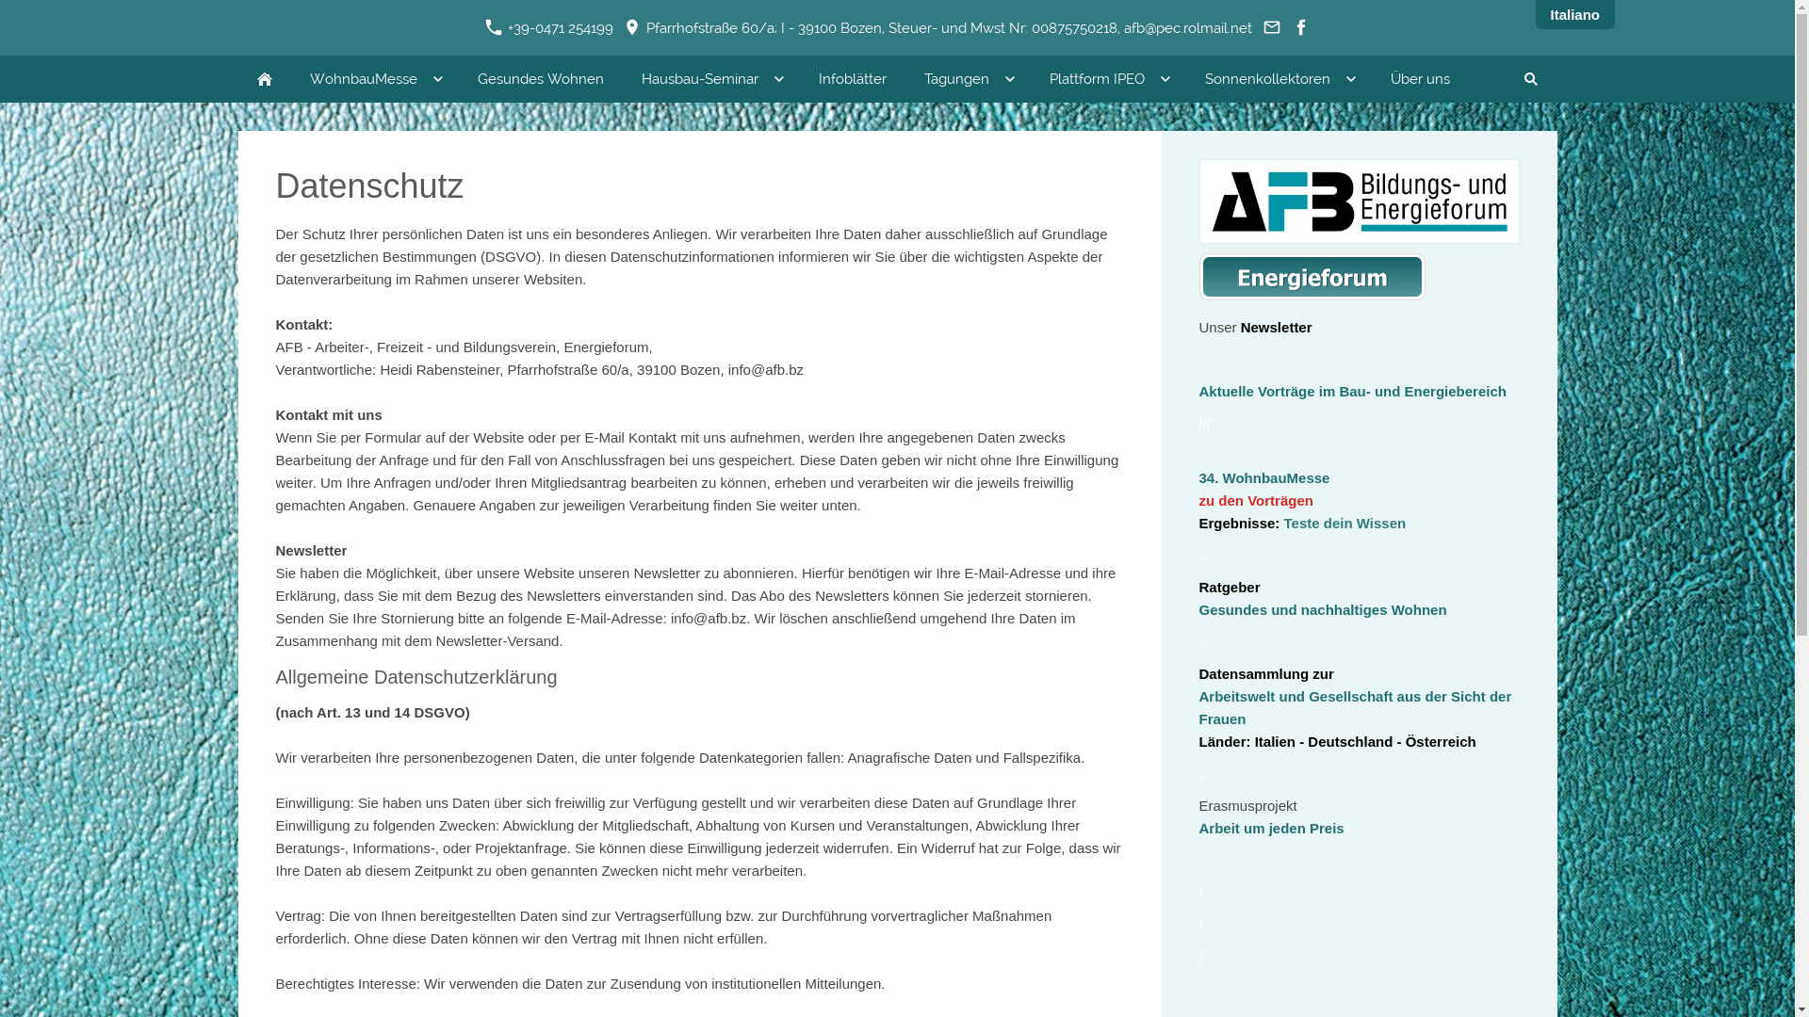 This screenshot has height=1017, width=1809. Describe the element at coordinates (1299, 28) in the screenshot. I see `'Unsere Facebook-Seite besuchen'` at that location.